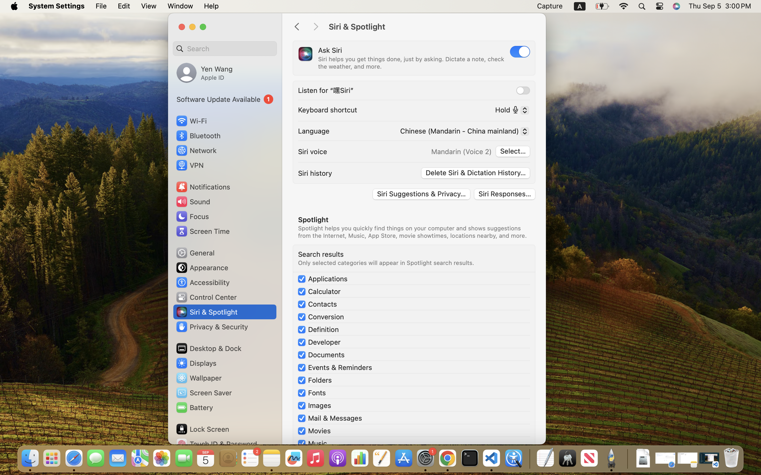 The width and height of the screenshot is (761, 475). Describe the element at coordinates (203, 393) in the screenshot. I see `'Screen Saver'` at that location.